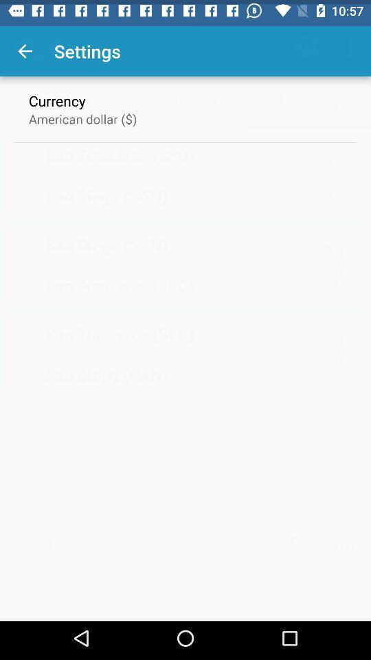 The width and height of the screenshot is (371, 660). I want to click on the icon next to the settings app, so click(25, 47).